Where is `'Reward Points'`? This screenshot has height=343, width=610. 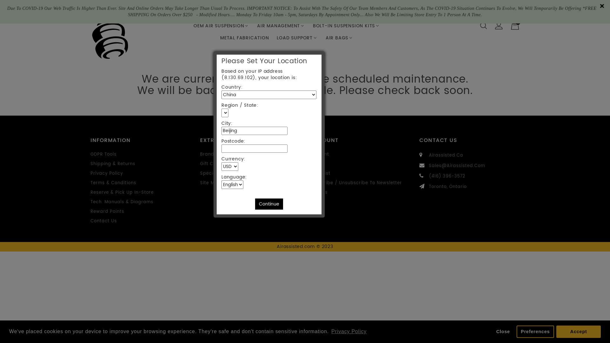
'Reward Points' is located at coordinates (107, 212).